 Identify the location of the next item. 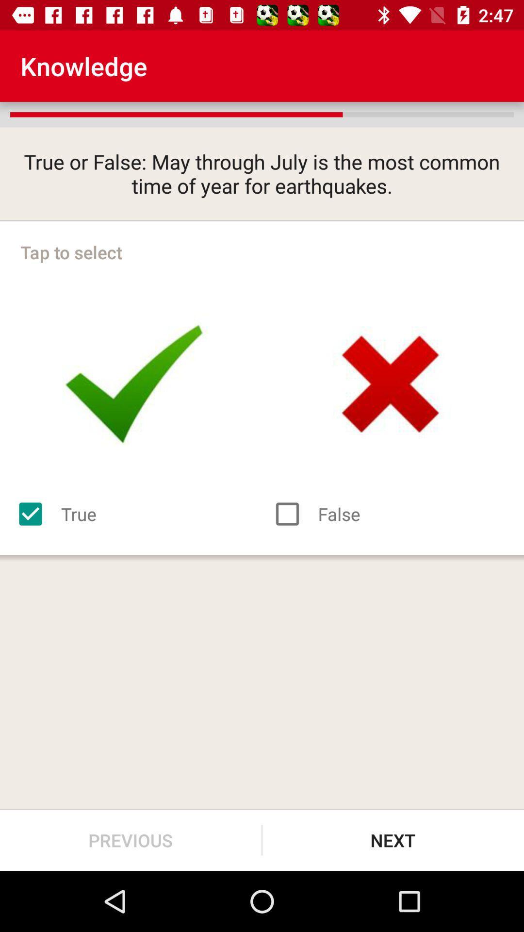
(393, 840).